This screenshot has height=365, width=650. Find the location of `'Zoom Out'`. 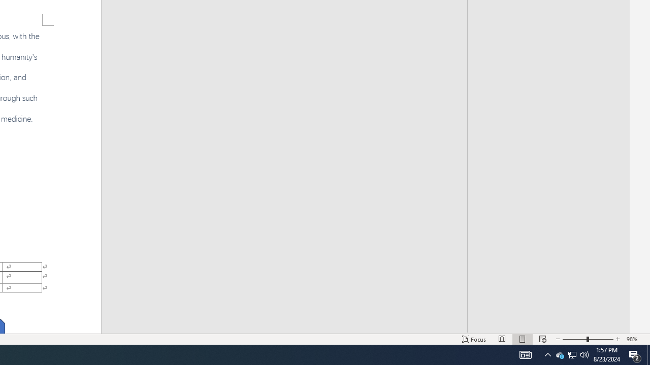

'Zoom Out' is located at coordinates (574, 339).